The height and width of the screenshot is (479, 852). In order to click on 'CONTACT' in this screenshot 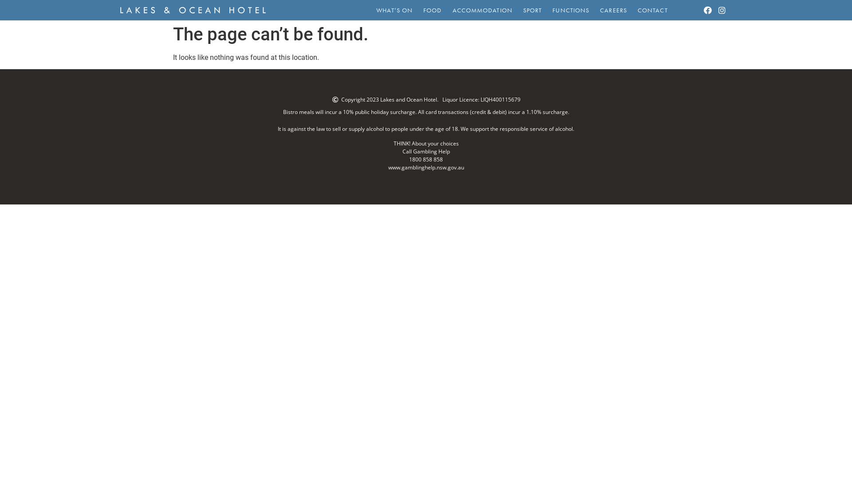, I will do `click(652, 10)`.